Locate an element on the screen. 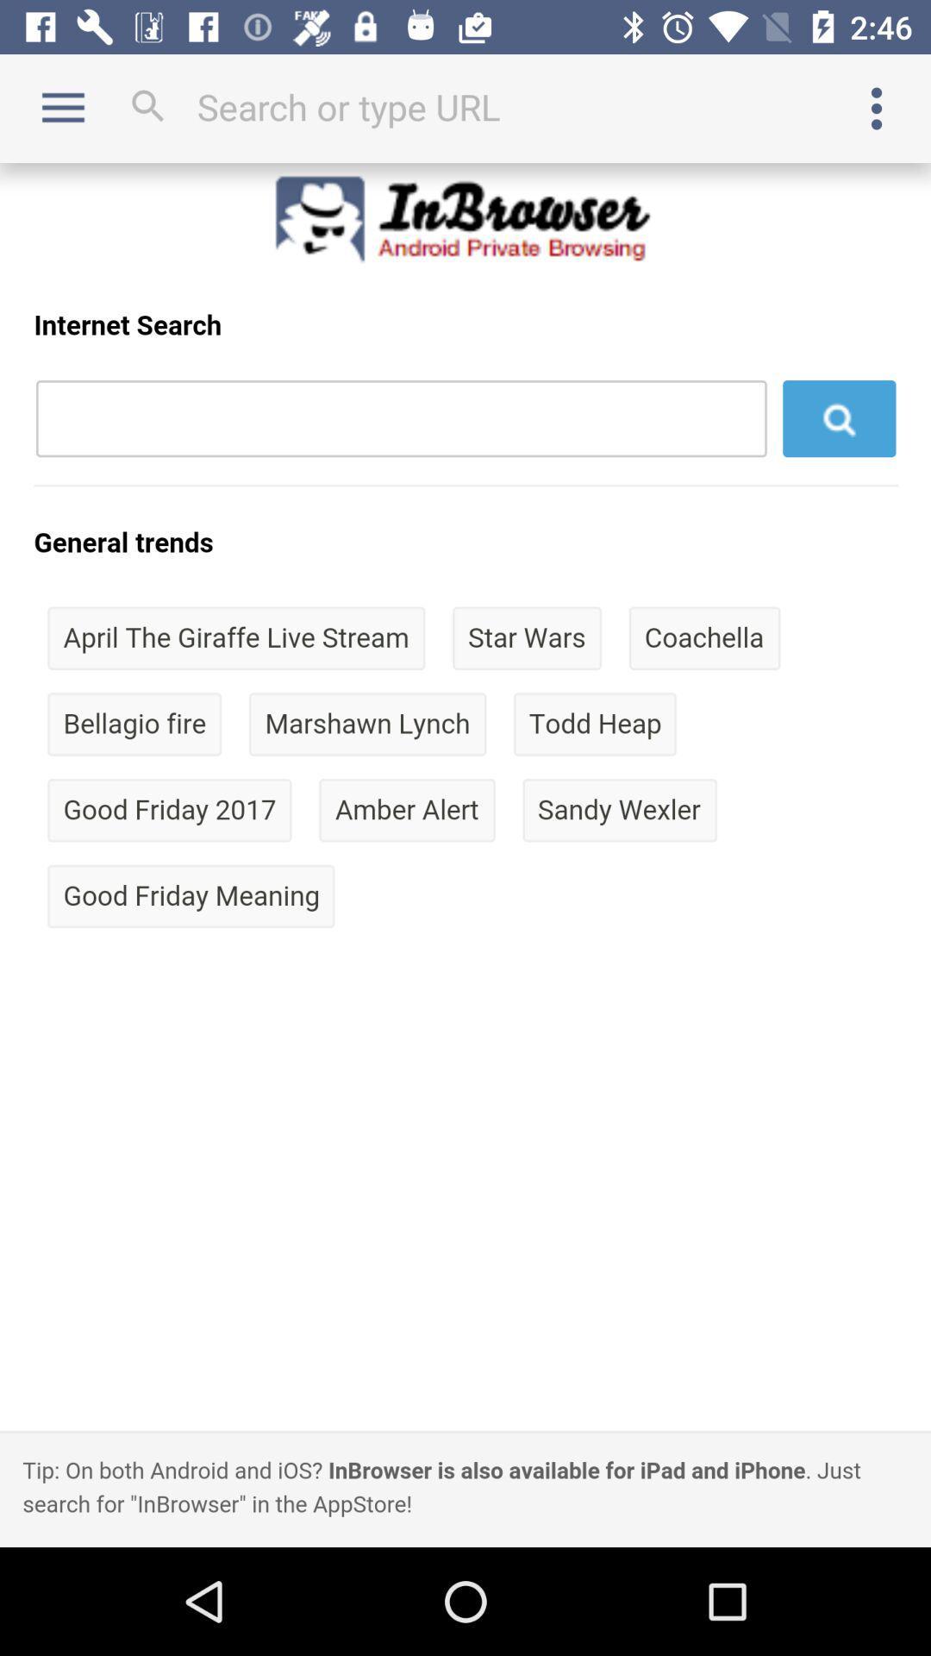  inbrowser home page is located at coordinates (465, 855).